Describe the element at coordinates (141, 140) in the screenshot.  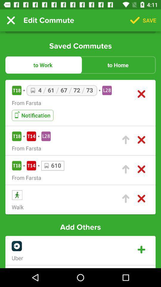
I see `remove commute` at that location.